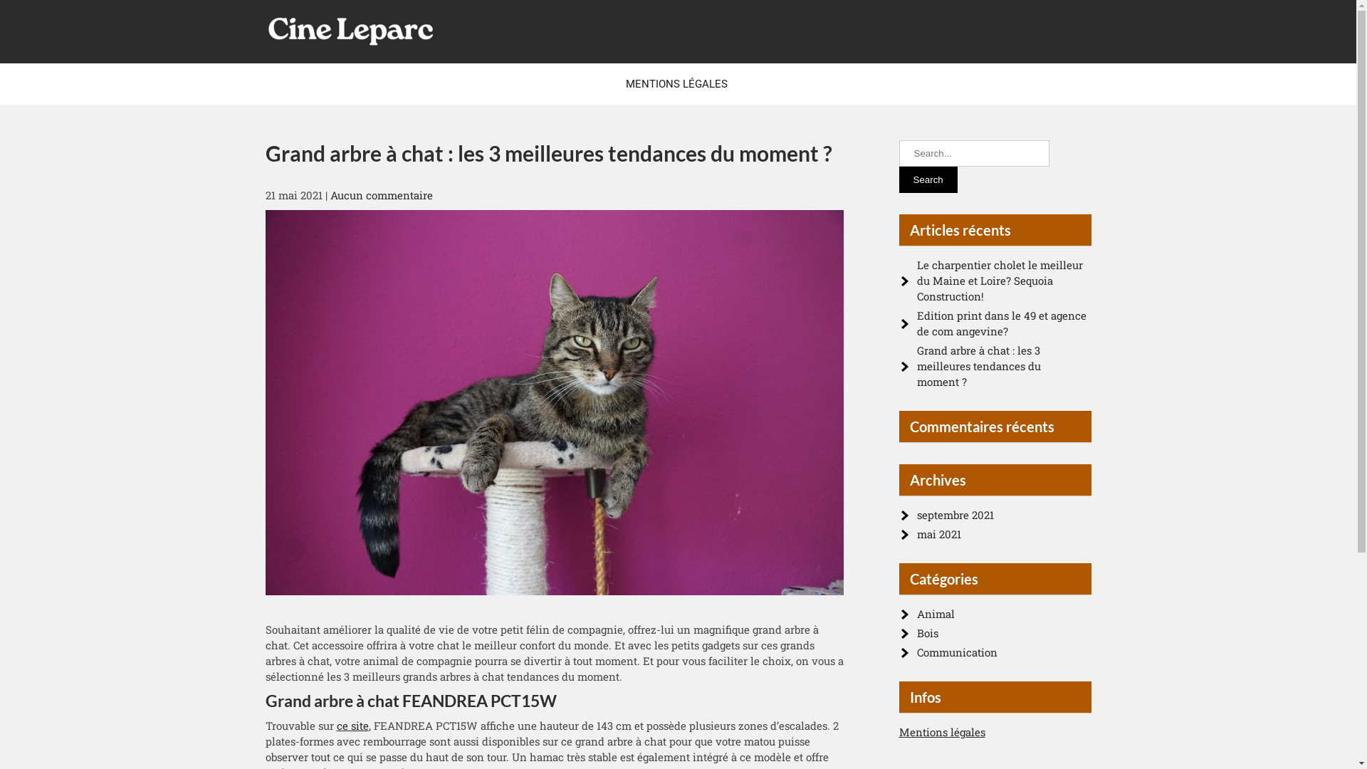 This screenshot has width=1367, height=769. What do you see at coordinates (927, 632) in the screenshot?
I see `'Bois'` at bounding box center [927, 632].